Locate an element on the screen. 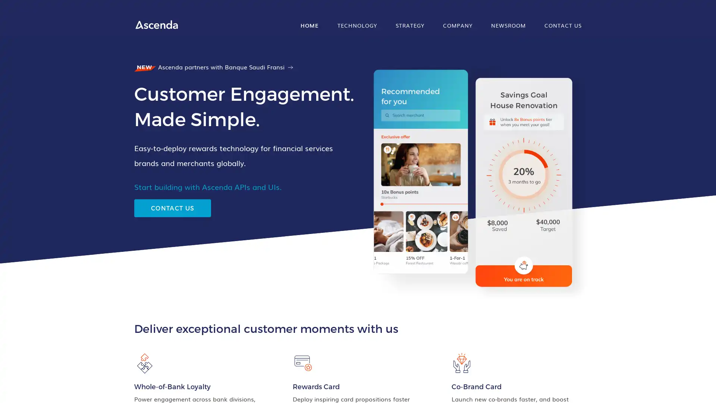 Image resolution: width=716 pixels, height=403 pixels. animation is located at coordinates (484, 182).